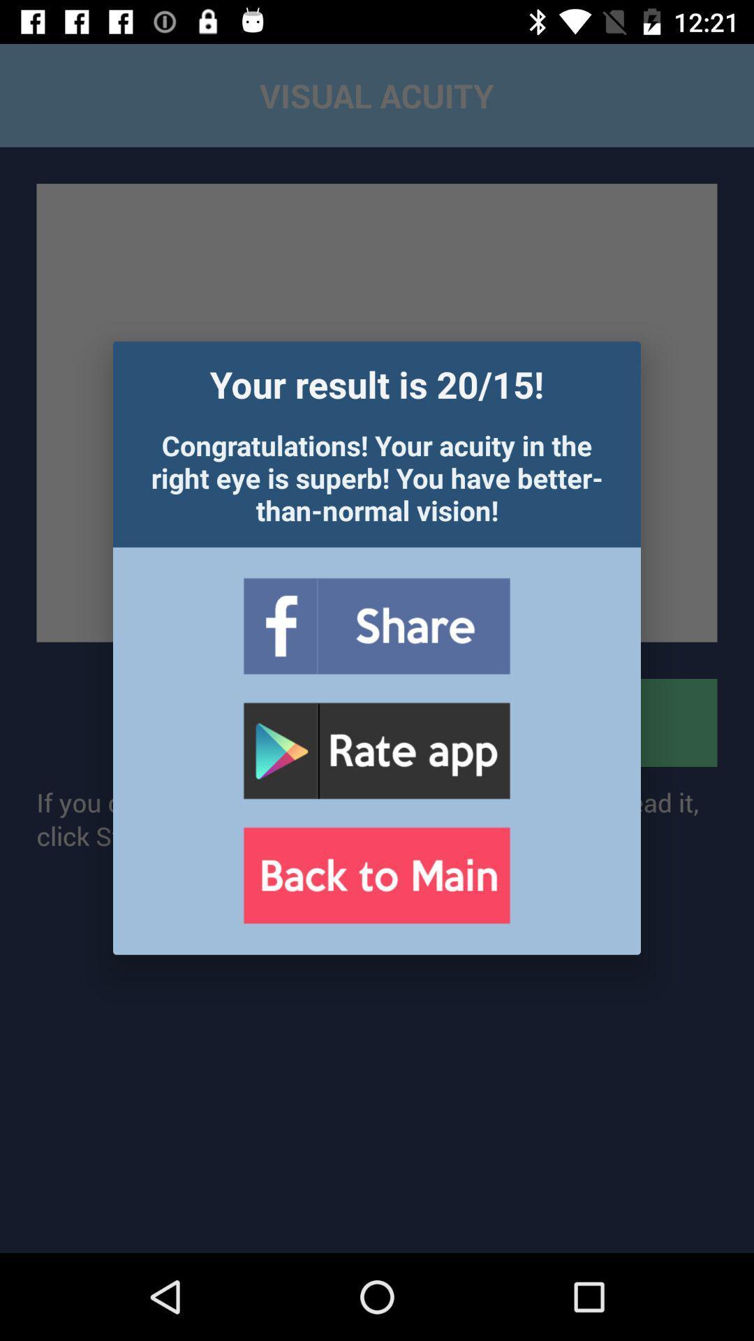  What do you see at coordinates (376, 874) in the screenshot?
I see `return to home page` at bounding box center [376, 874].